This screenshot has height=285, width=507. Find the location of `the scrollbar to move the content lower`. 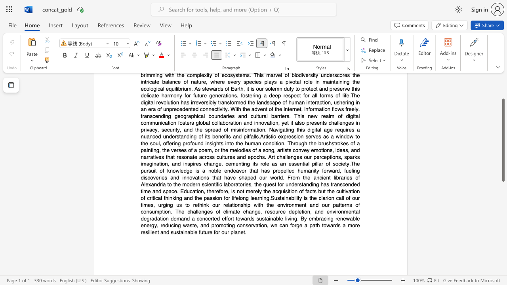

the scrollbar to move the content lower is located at coordinates (503, 214).